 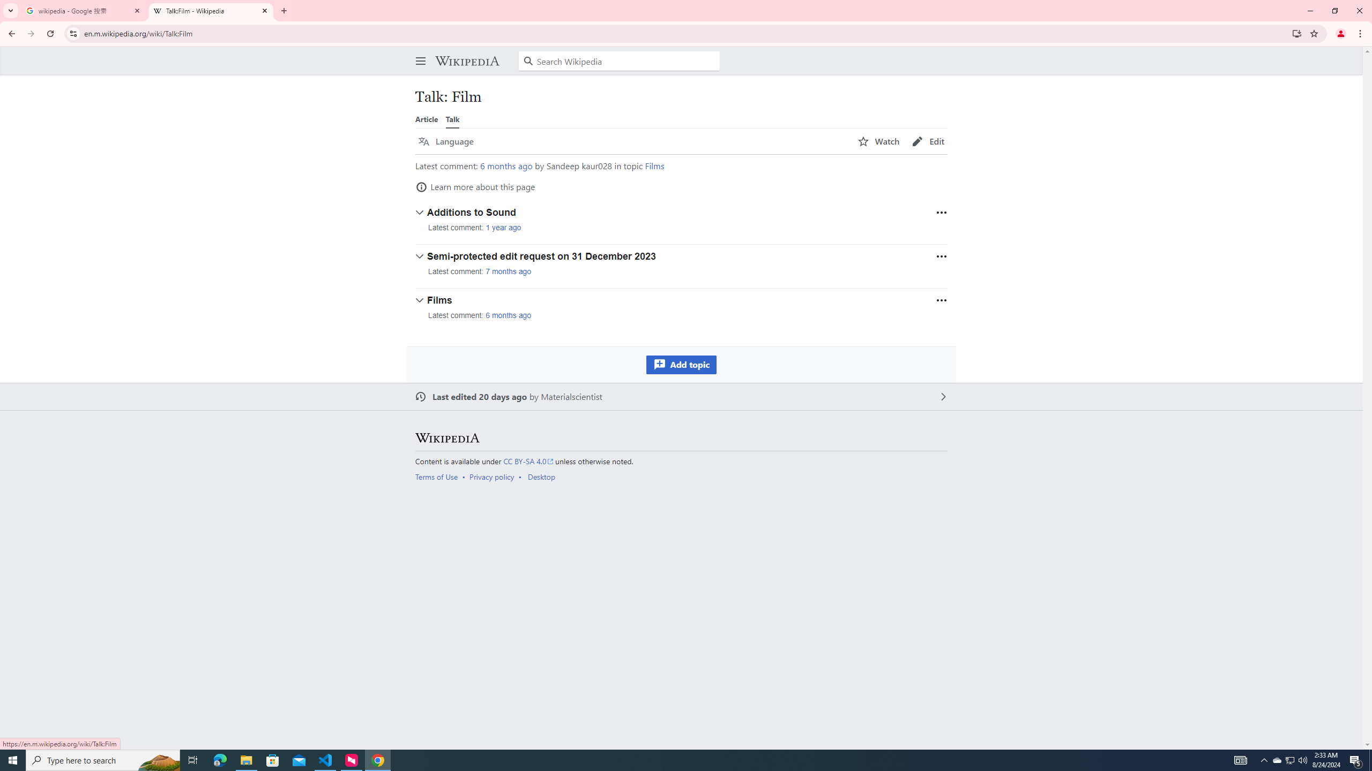 What do you see at coordinates (426, 119) in the screenshot?
I see `'Article'` at bounding box center [426, 119].